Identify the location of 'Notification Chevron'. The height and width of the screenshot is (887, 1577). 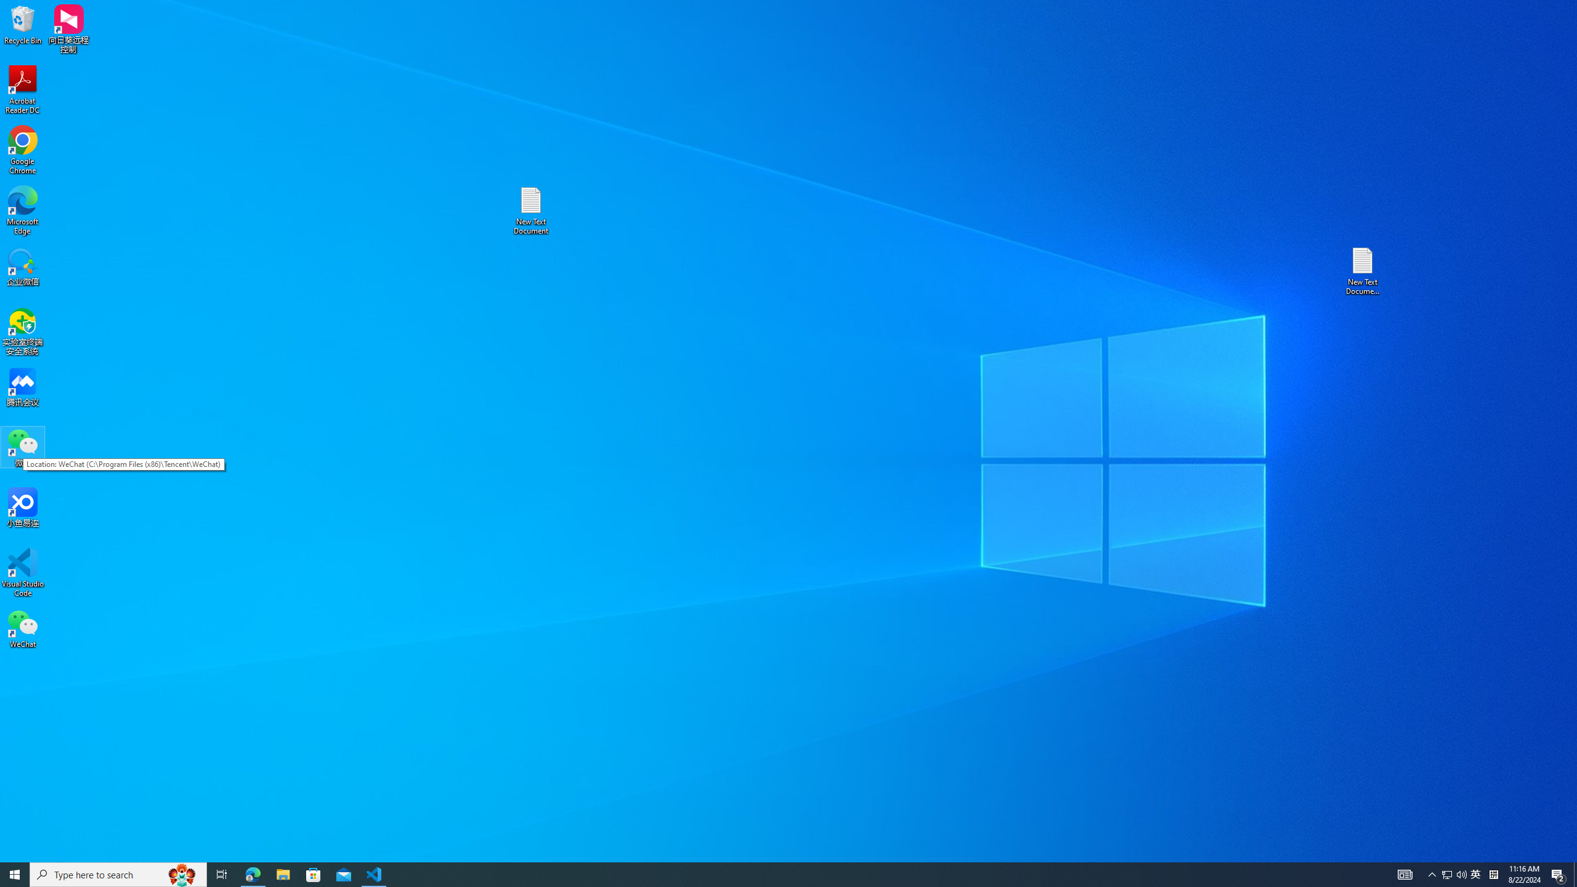
(1432, 873).